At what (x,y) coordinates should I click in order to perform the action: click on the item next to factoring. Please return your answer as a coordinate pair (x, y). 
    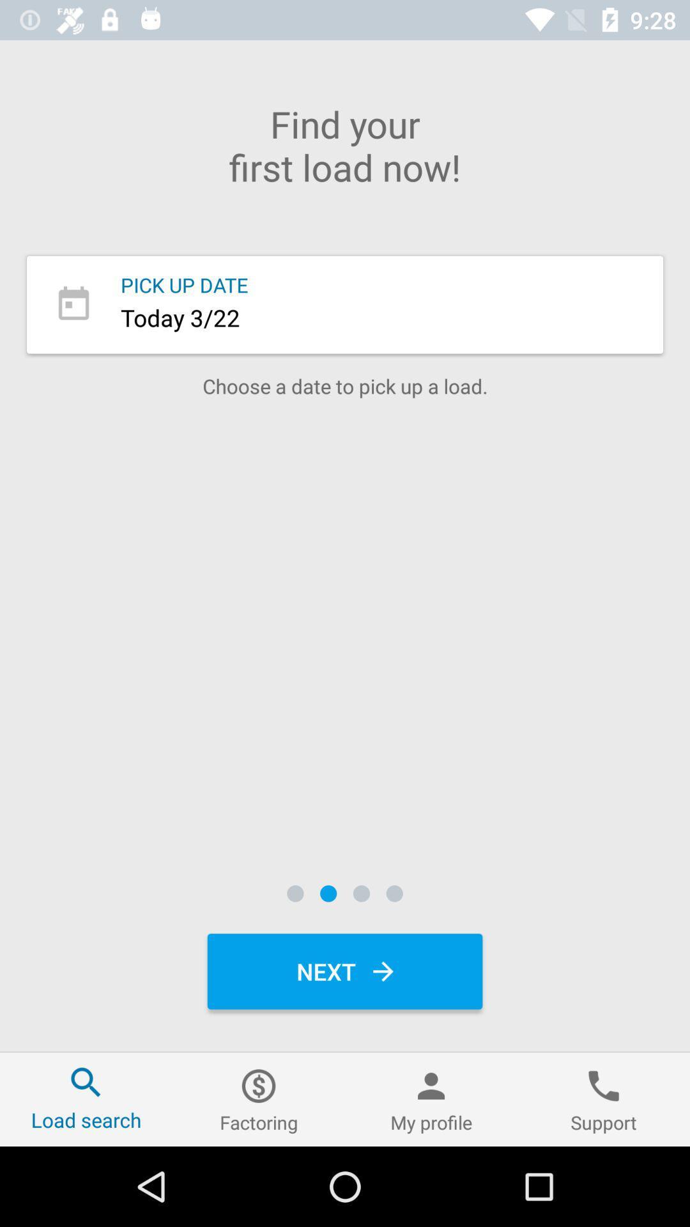
    Looking at the image, I should click on (86, 1099).